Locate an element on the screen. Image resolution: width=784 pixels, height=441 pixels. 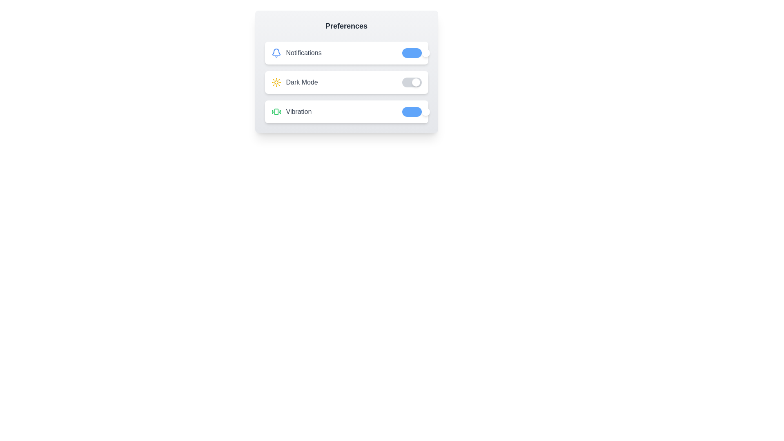
the vibration setting icon, which is positioned to the left of the 'Vibration' label and before the toggle switch is located at coordinates (276, 111).